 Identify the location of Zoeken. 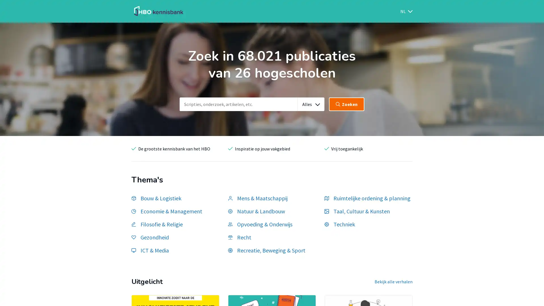
(346, 104).